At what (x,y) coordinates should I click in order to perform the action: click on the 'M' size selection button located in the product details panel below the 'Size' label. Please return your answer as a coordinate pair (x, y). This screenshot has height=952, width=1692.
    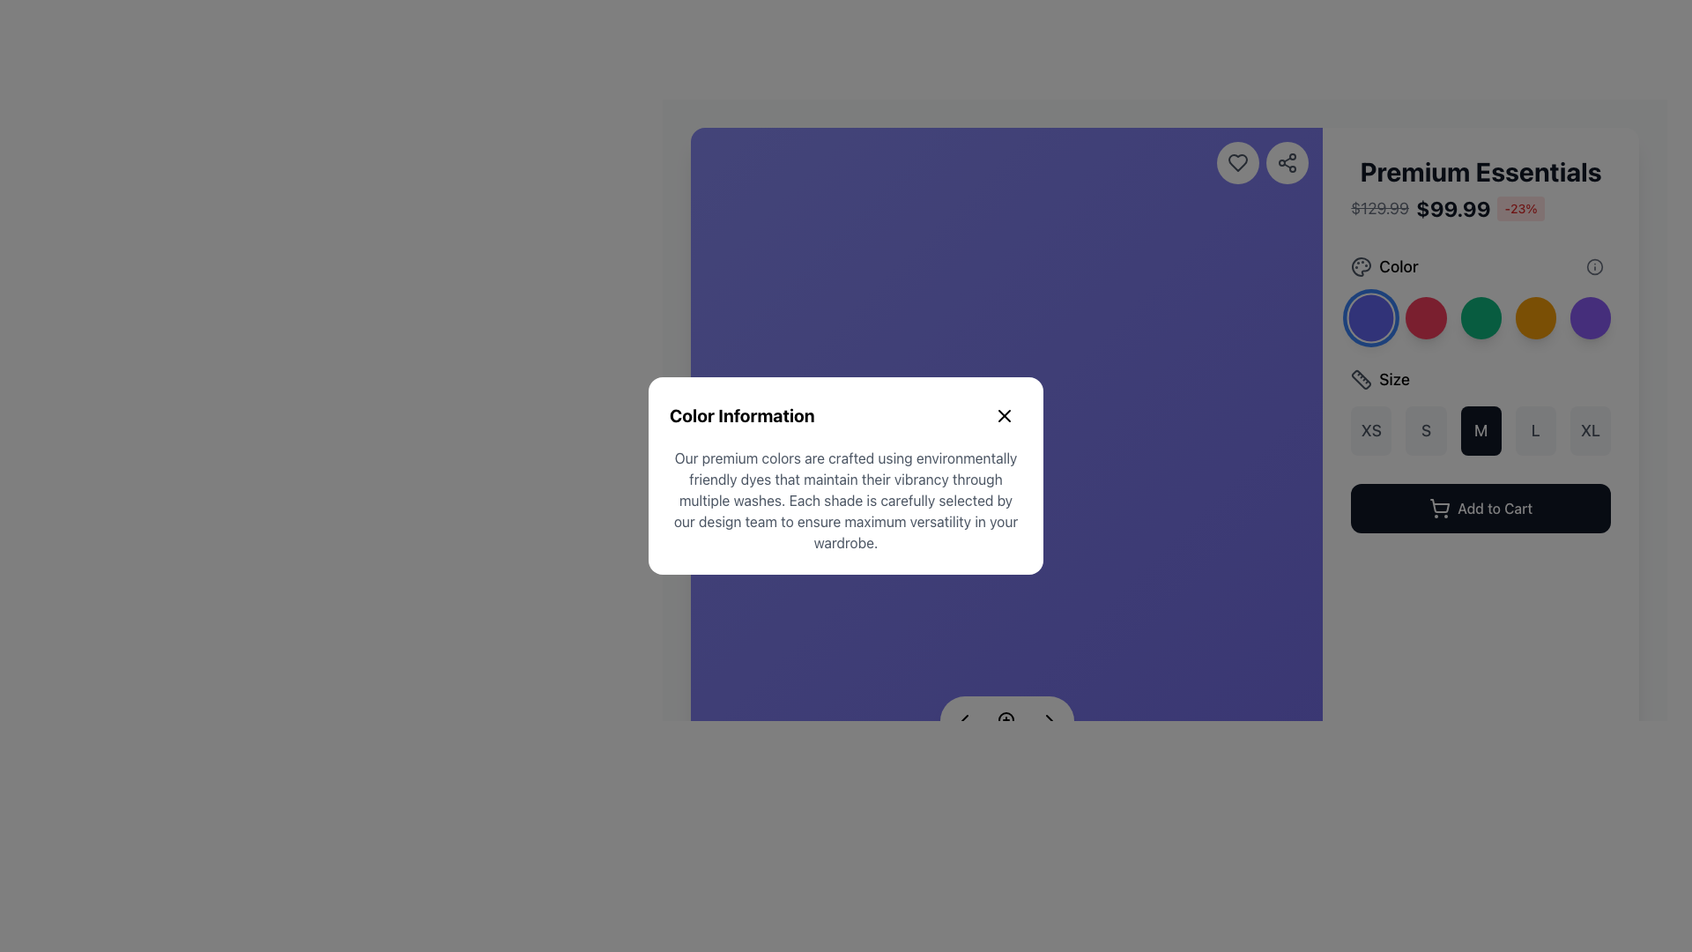
    Looking at the image, I should click on (1480, 411).